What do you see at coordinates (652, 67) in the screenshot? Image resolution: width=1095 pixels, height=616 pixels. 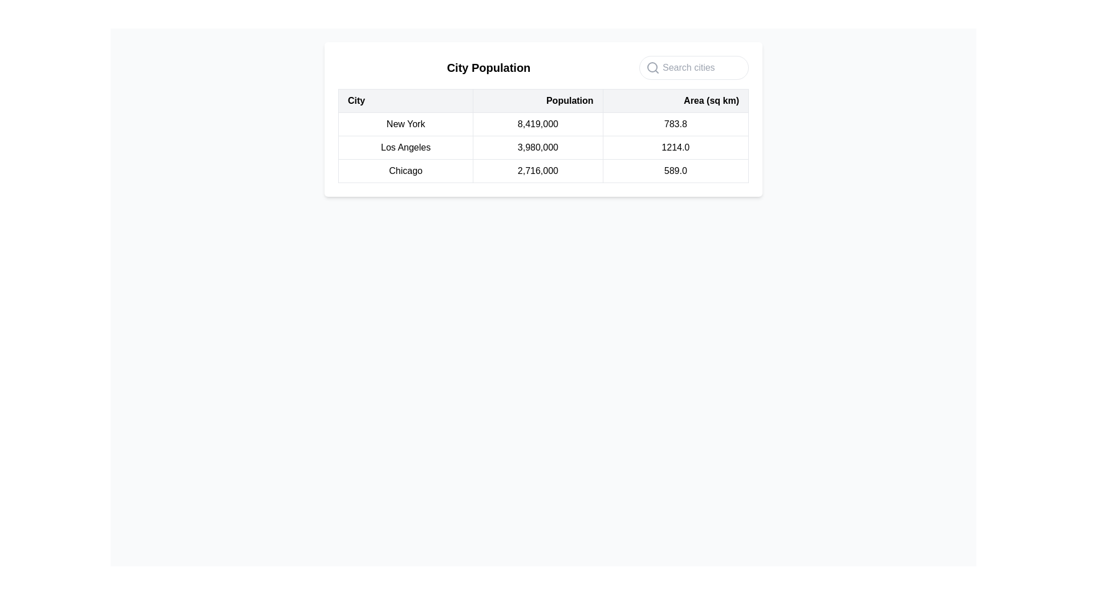 I see `the circular part of the magnifying glass icon, which indicates the search functionality in the user interface, located at the top-right area of the displayed table` at bounding box center [652, 67].